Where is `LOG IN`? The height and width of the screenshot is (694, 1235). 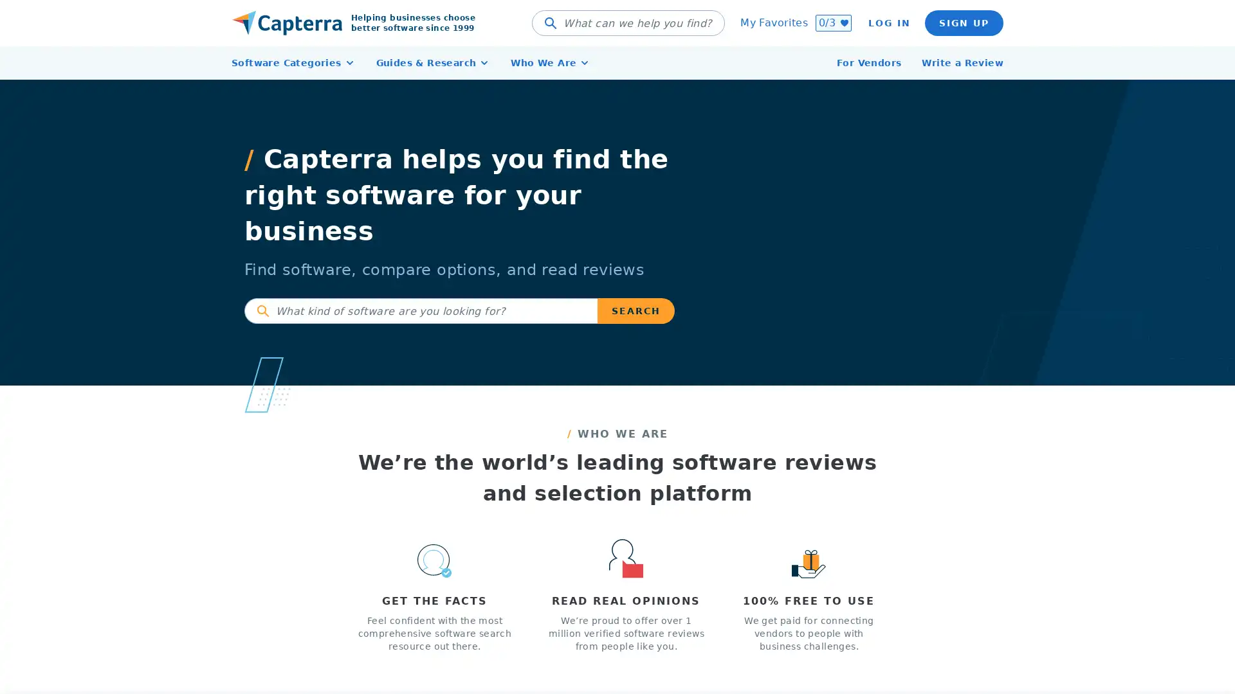 LOG IN is located at coordinates (888, 22).